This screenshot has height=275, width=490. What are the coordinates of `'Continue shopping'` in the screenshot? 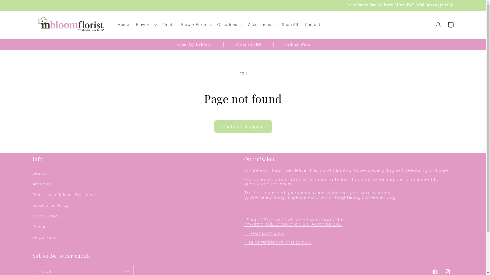 It's located at (243, 126).